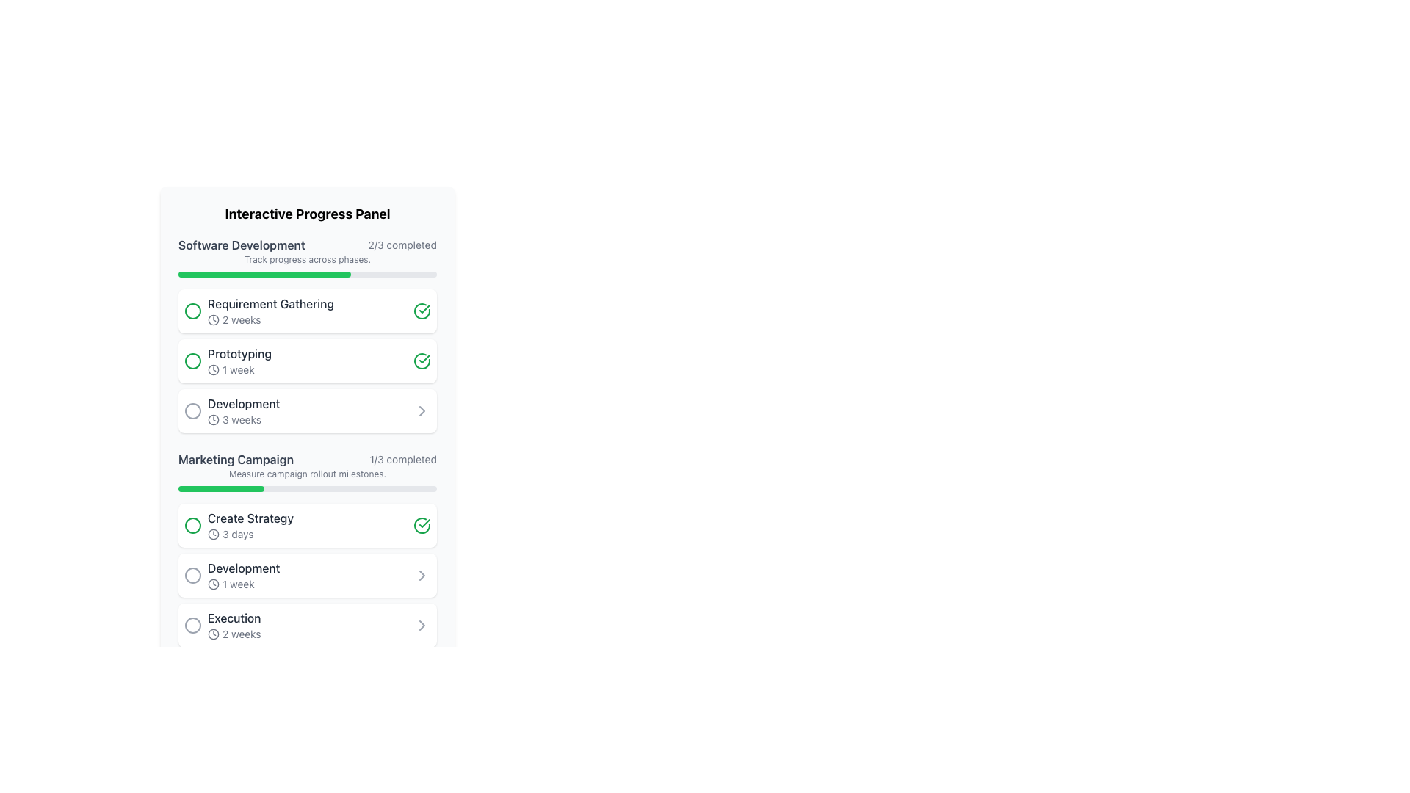 Image resolution: width=1410 pixels, height=793 pixels. What do you see at coordinates (234, 634) in the screenshot?
I see `the text label displaying '2 weeks' with a clock icon, located beneath the 'Execution' heading in the 'Marketing Campaign' section` at bounding box center [234, 634].